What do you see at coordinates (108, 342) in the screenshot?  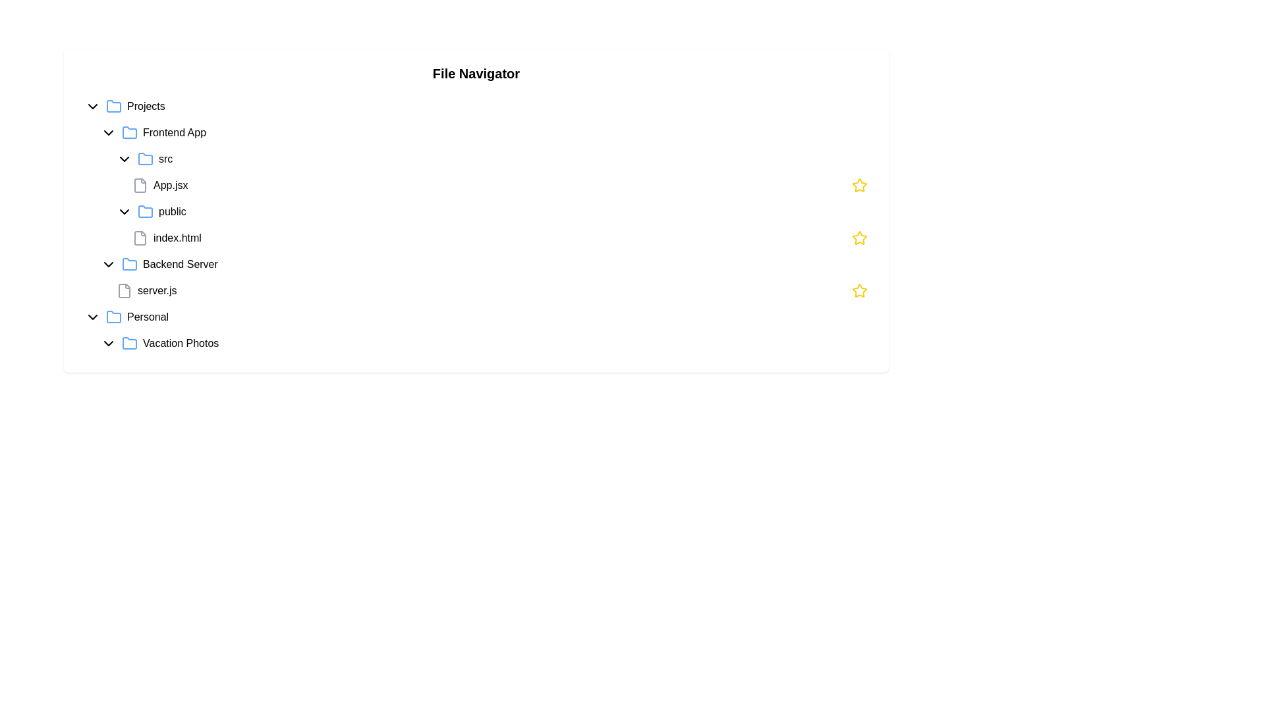 I see `the Expand/Collapse Chevron Icon next to the 'Vacation Photos' text` at bounding box center [108, 342].